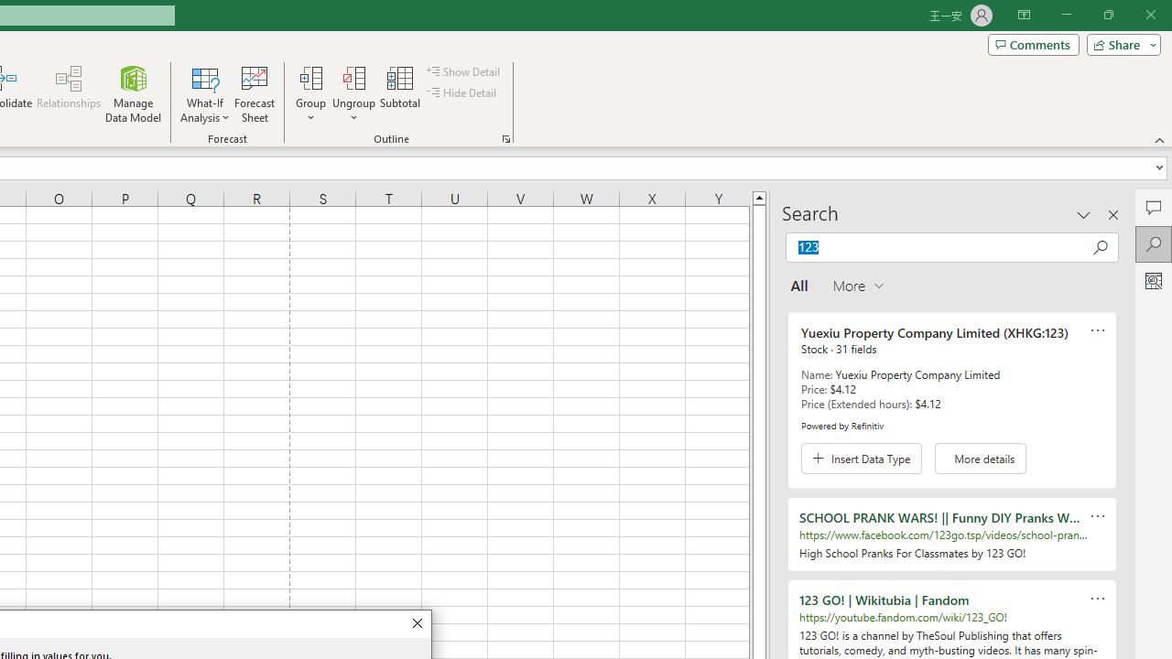  I want to click on 'Subtotal', so click(399, 94).